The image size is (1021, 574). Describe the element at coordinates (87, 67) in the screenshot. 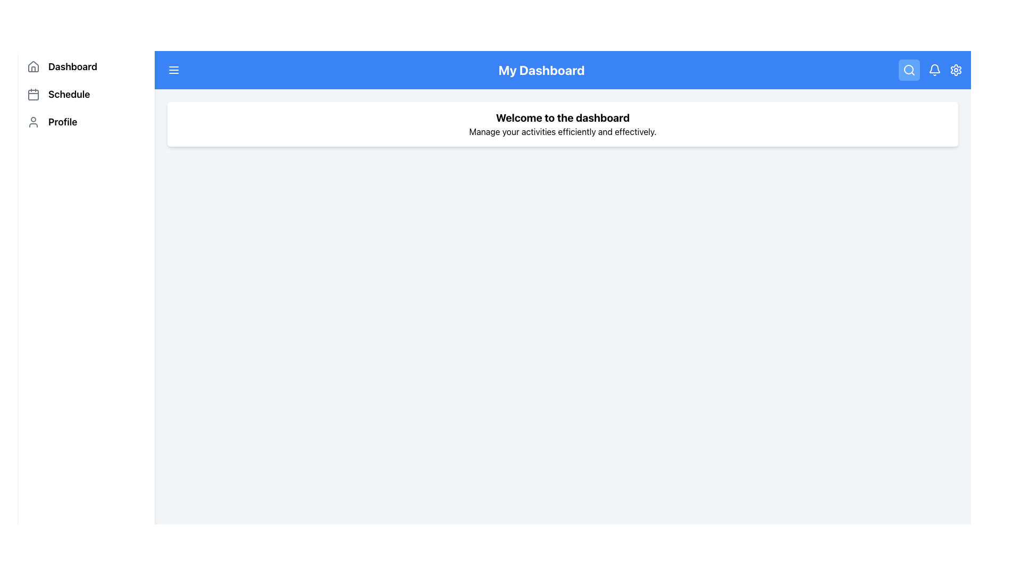

I see `the Dashboard button, which features a house icon to the left of the bold text 'Dashboard'` at that location.